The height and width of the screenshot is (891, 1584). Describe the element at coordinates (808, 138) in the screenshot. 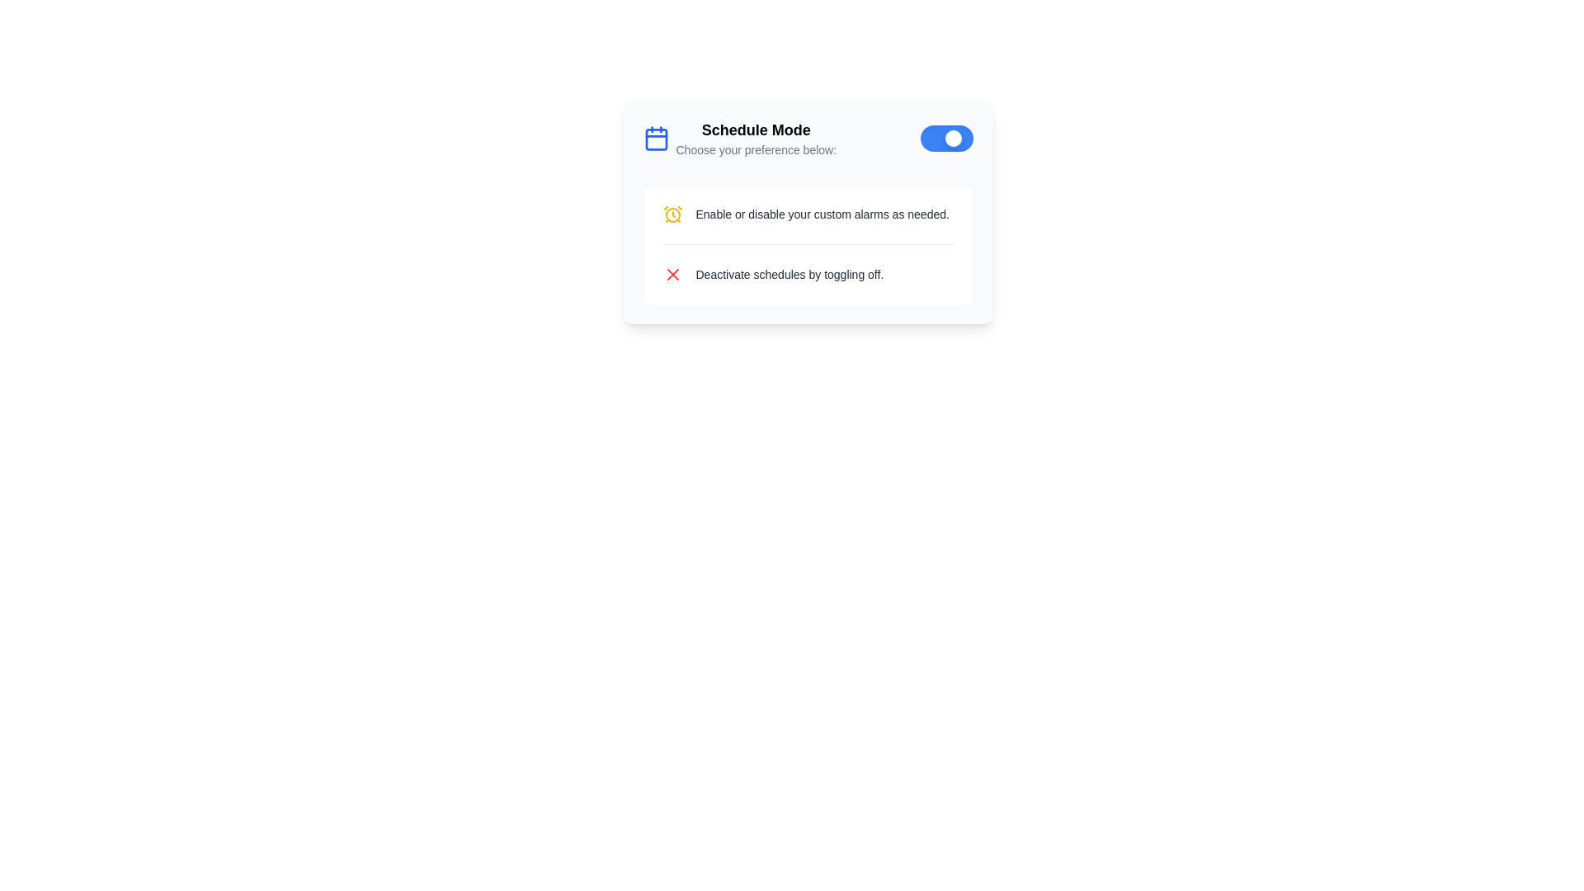

I see `the text header 'Schedule Mode' in the Composite element to trigger a tooltip if implemented` at that location.